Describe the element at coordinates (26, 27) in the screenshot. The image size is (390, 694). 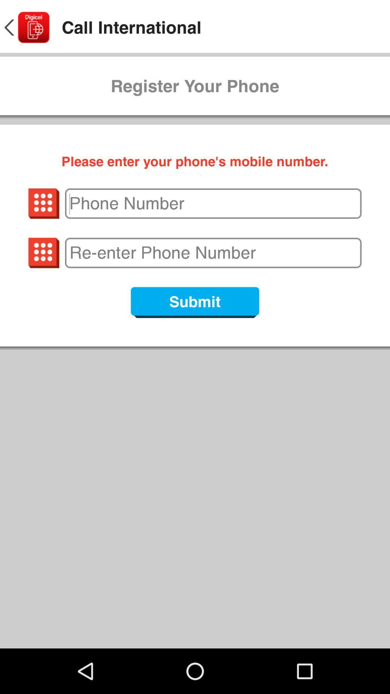
I see `icon to the left of call international app` at that location.